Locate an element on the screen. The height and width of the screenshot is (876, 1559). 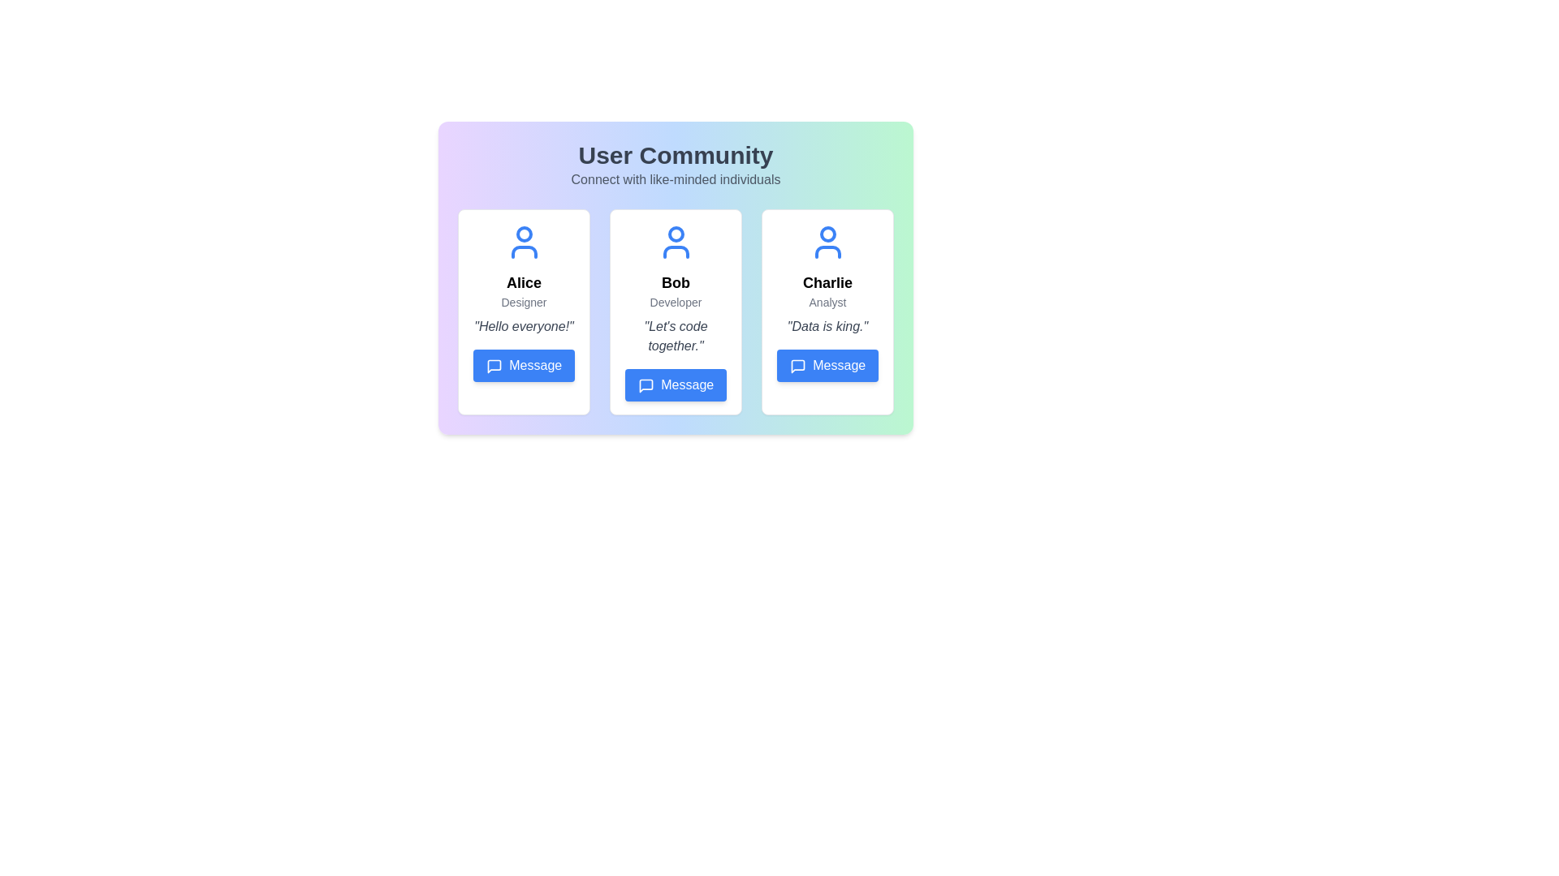
the user profile icon representing 'Charlie' located at the top of the card in the third column of the user profile display section is located at coordinates (827, 243).